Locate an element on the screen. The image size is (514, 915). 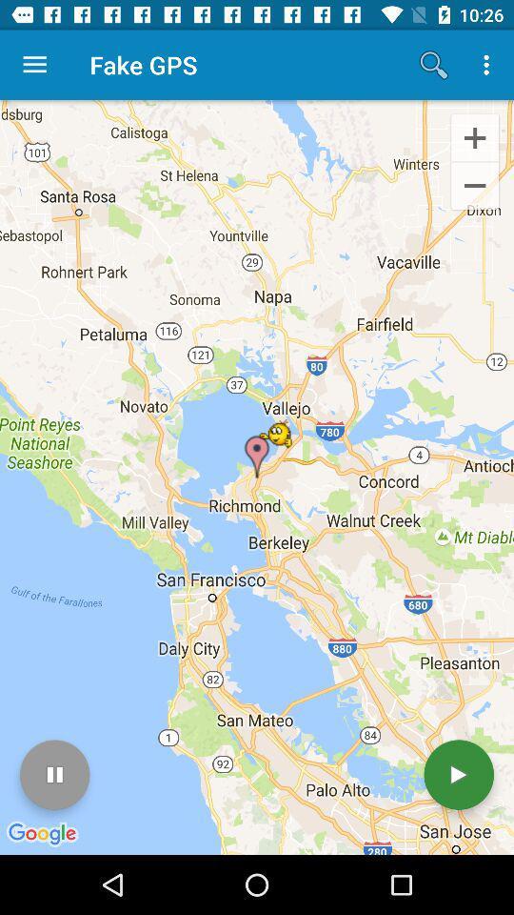
the pause icon is located at coordinates (54, 775).